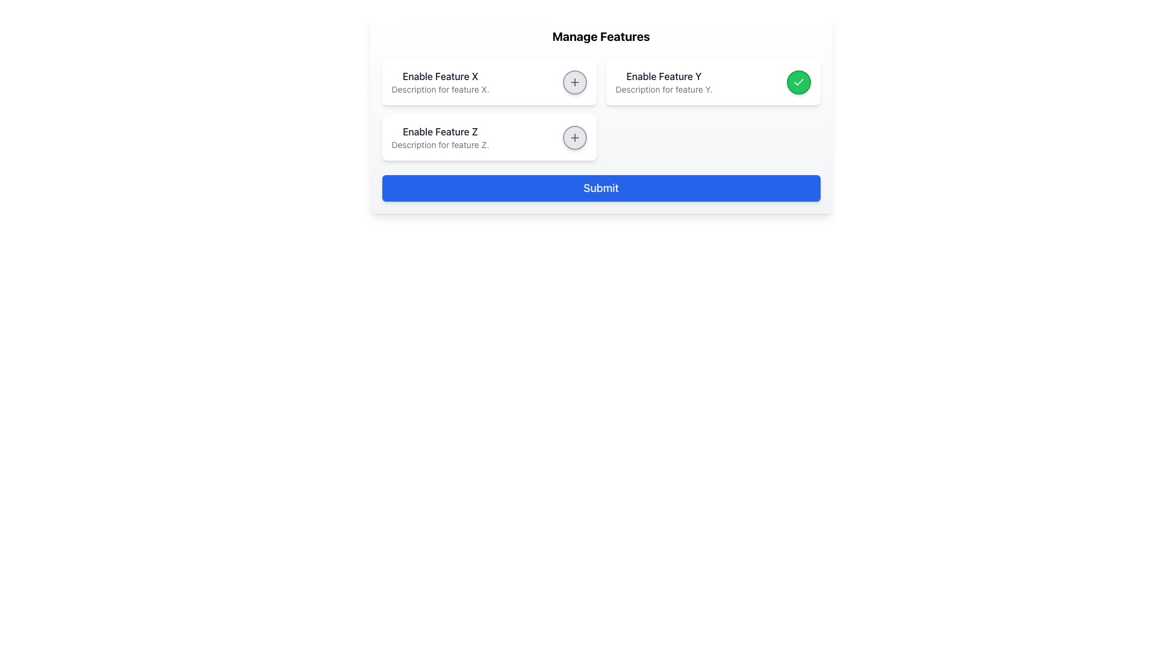 Image resolution: width=1156 pixels, height=650 pixels. What do you see at coordinates (713, 82) in the screenshot?
I see `the checkmark on the second card in the vertical list to confirm that 'Feature Y' has been enabled or selected` at bounding box center [713, 82].